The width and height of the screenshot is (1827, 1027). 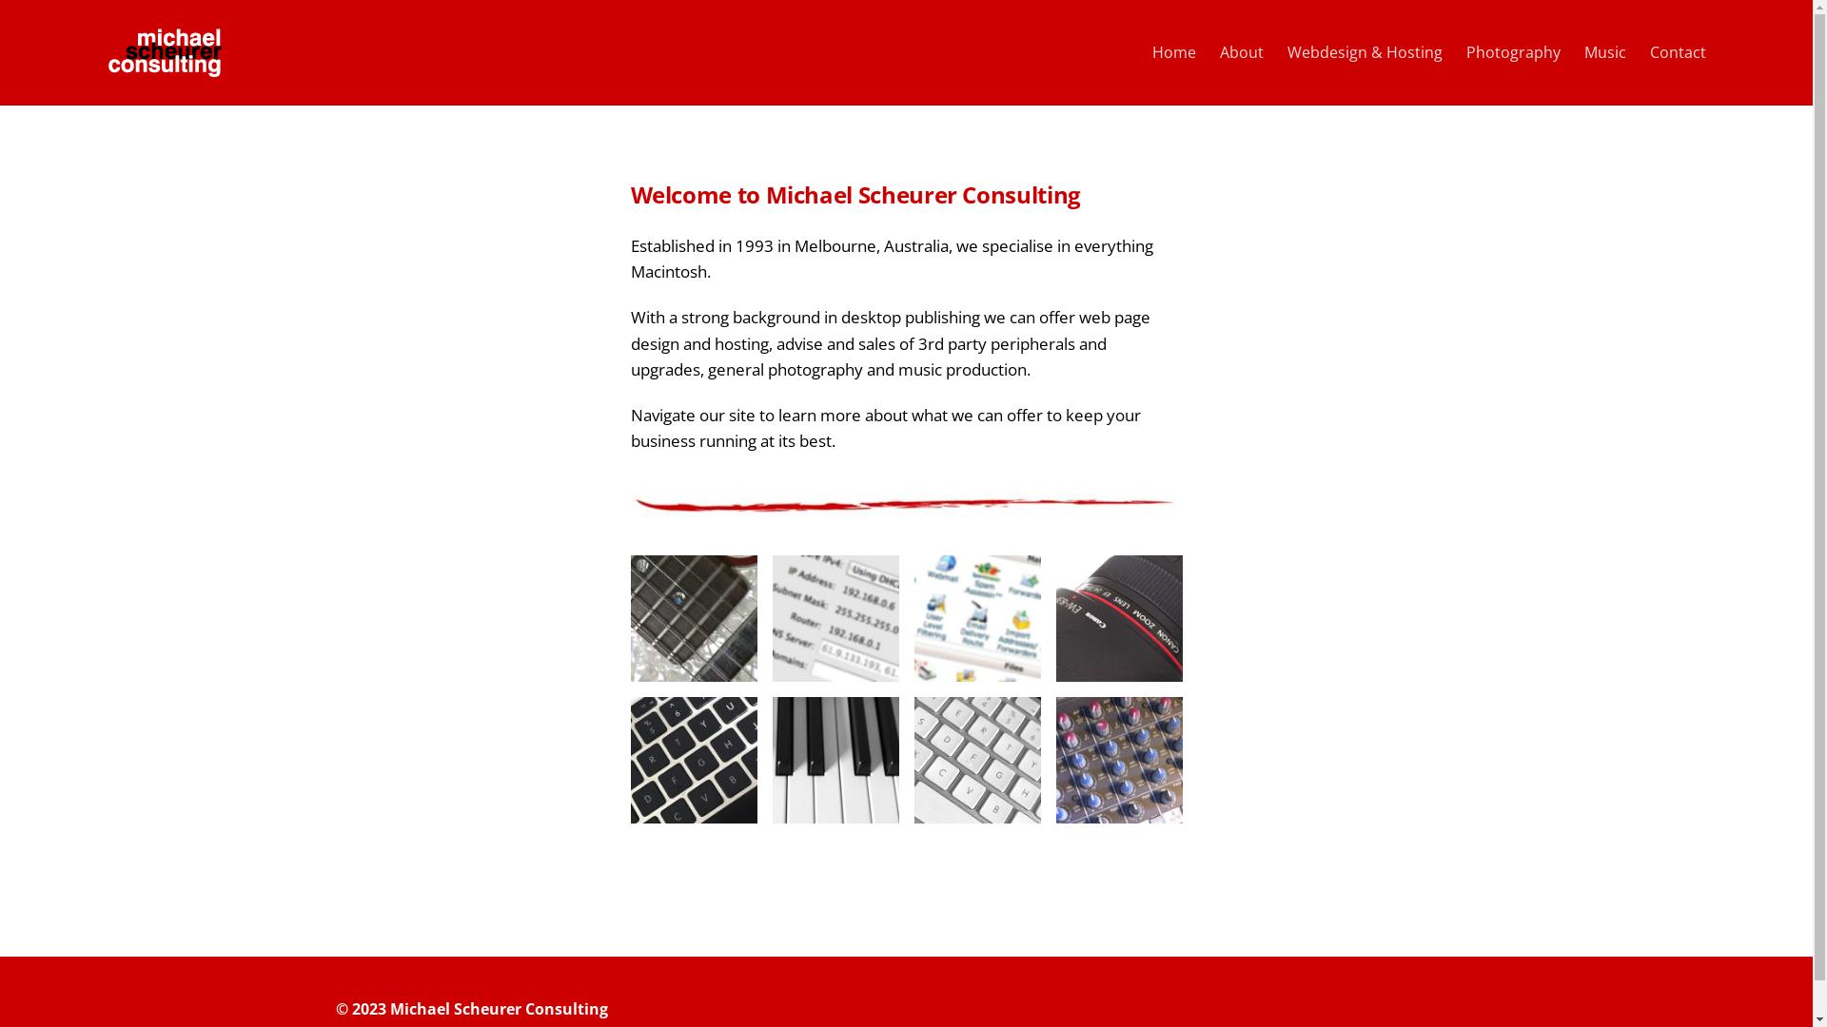 I want to click on 'Contact', so click(x=1678, y=51).